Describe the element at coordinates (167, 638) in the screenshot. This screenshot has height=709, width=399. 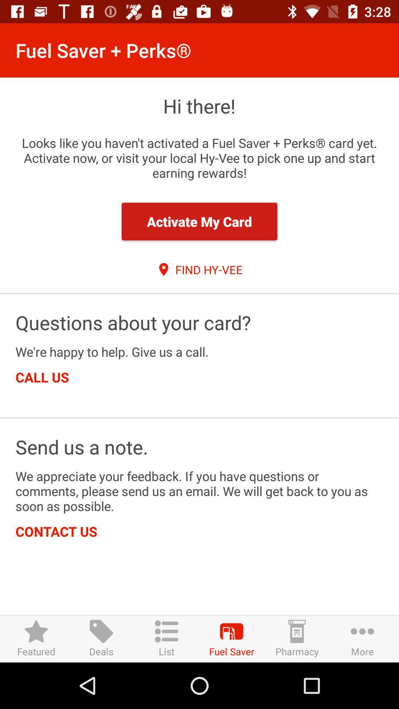
I see `icon next to the fuel saver icon` at that location.